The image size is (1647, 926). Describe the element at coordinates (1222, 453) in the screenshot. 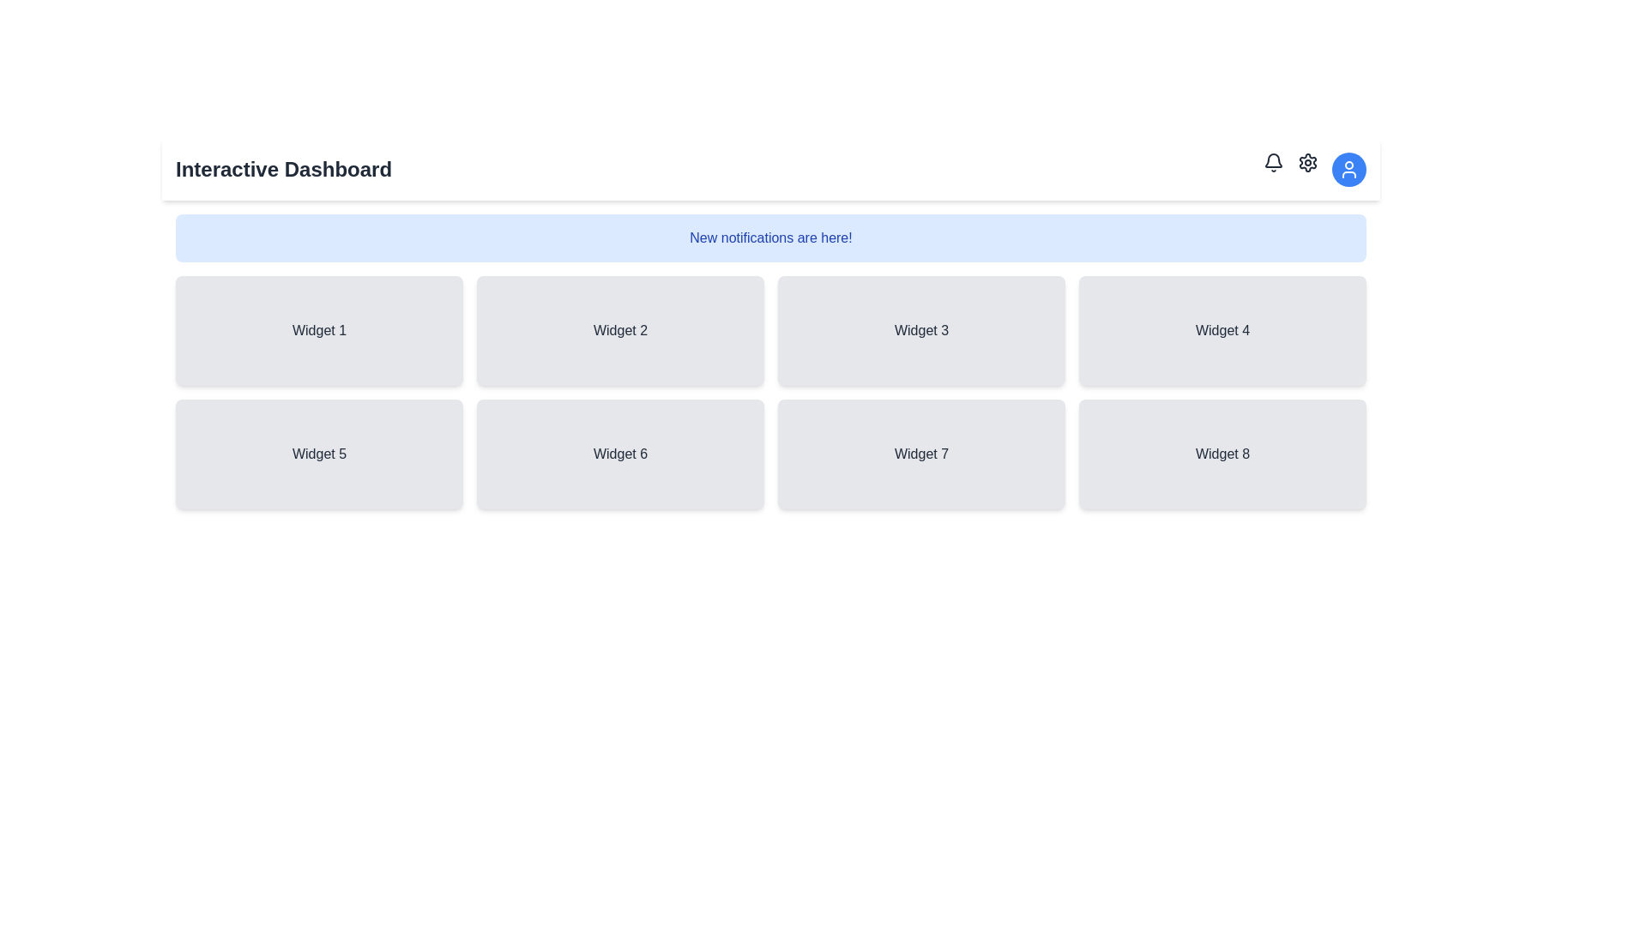

I see `the Display card located at the bottom-right of the grid, which is the fourth widget in the second row of a grid layout` at that location.